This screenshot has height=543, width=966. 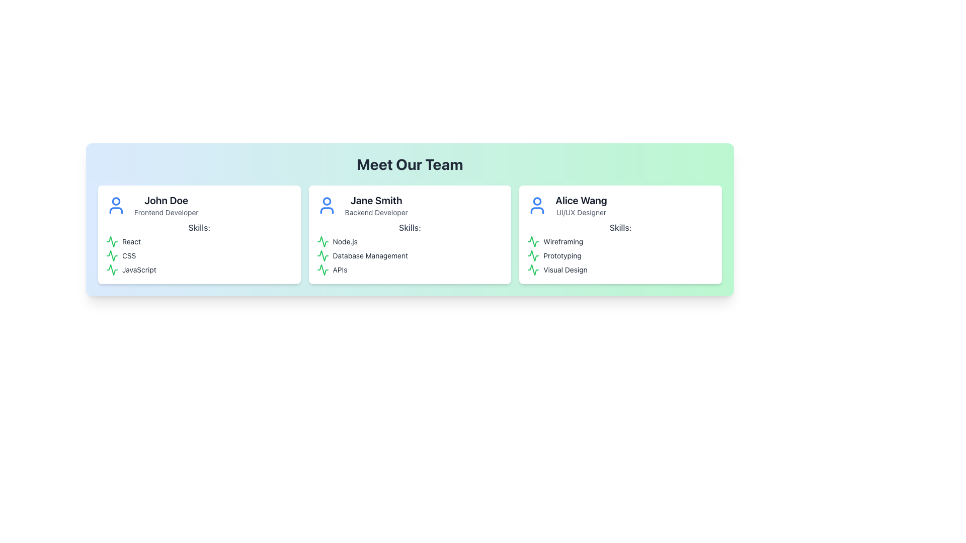 I want to click on the green waveform icon representing a skill below the 'Node.js' text in the skill list of the 'Jane Smith' card, so click(x=323, y=242).